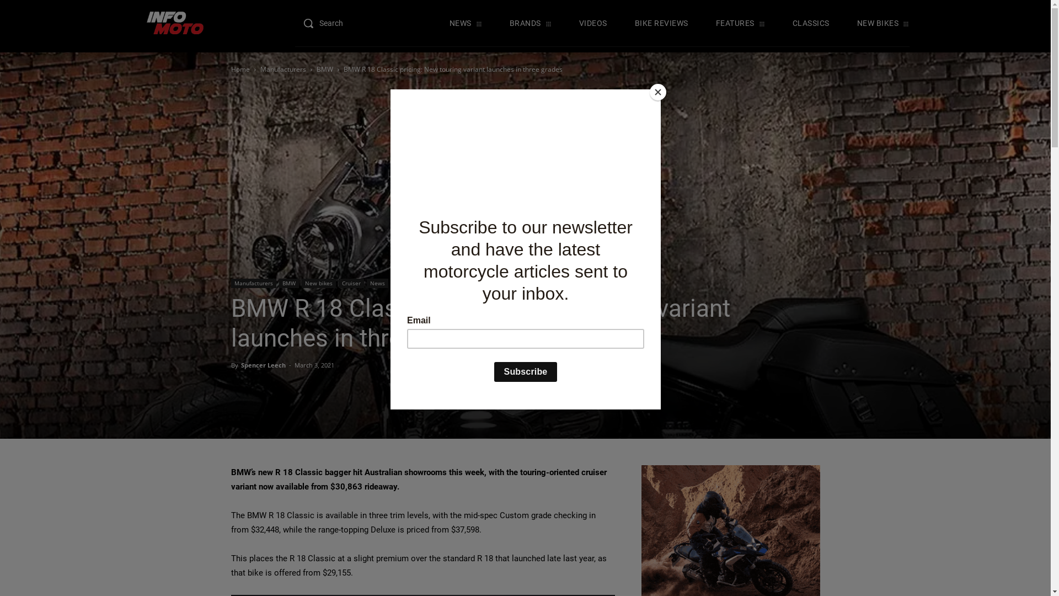 The image size is (1059, 596). Describe the element at coordinates (740, 23) in the screenshot. I see `'FEATURES'` at that location.